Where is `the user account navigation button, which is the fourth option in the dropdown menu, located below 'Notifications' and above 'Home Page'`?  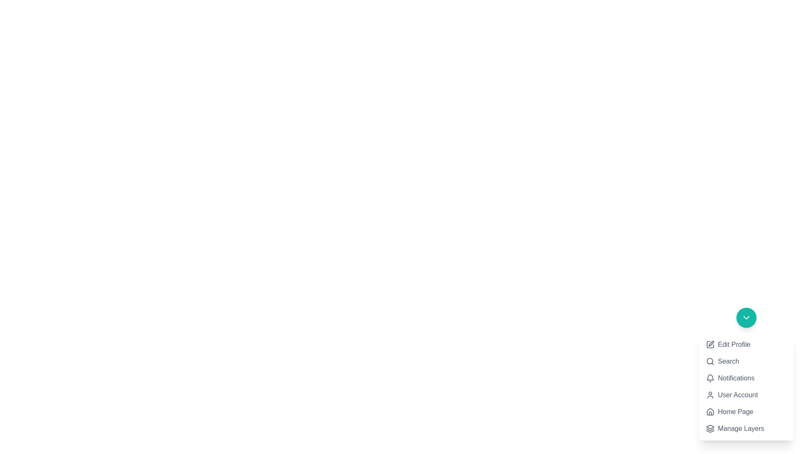 the user account navigation button, which is the fourth option in the dropdown menu, located below 'Notifications' and above 'Home Page' is located at coordinates (731, 395).